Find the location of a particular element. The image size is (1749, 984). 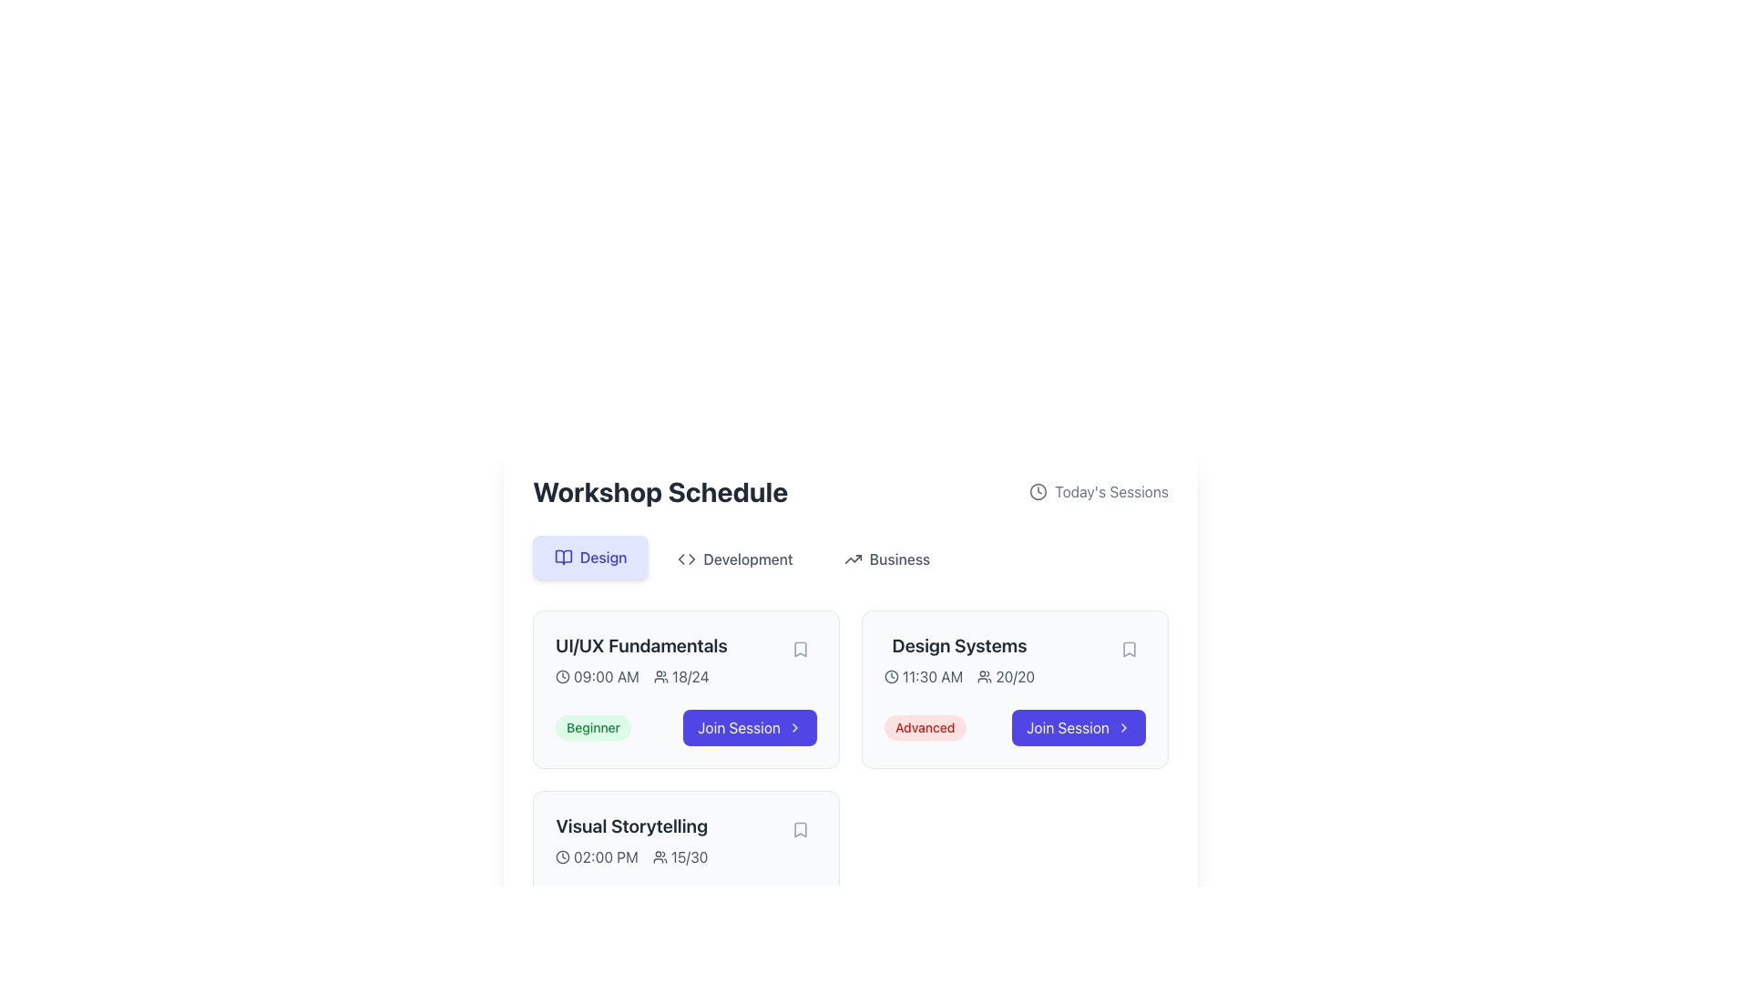

the text label within the purple button, which serves as a call-to-action for joining a session is located at coordinates (739, 726).